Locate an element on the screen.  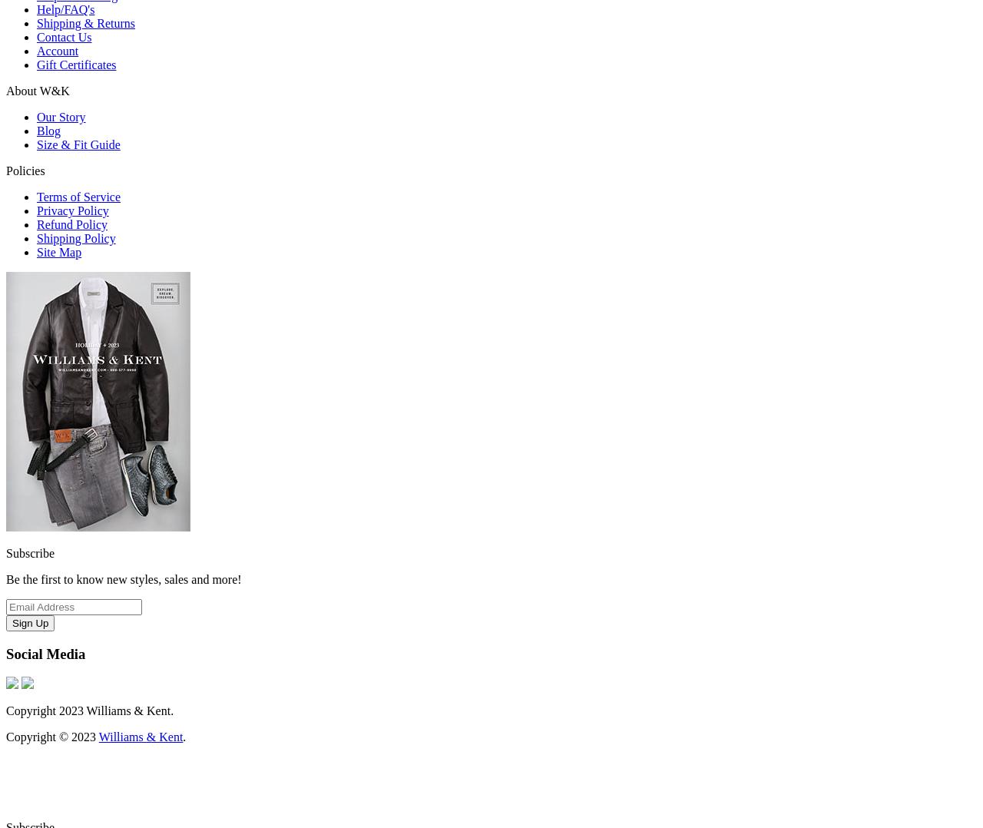
'Contact Us' is located at coordinates (63, 36).